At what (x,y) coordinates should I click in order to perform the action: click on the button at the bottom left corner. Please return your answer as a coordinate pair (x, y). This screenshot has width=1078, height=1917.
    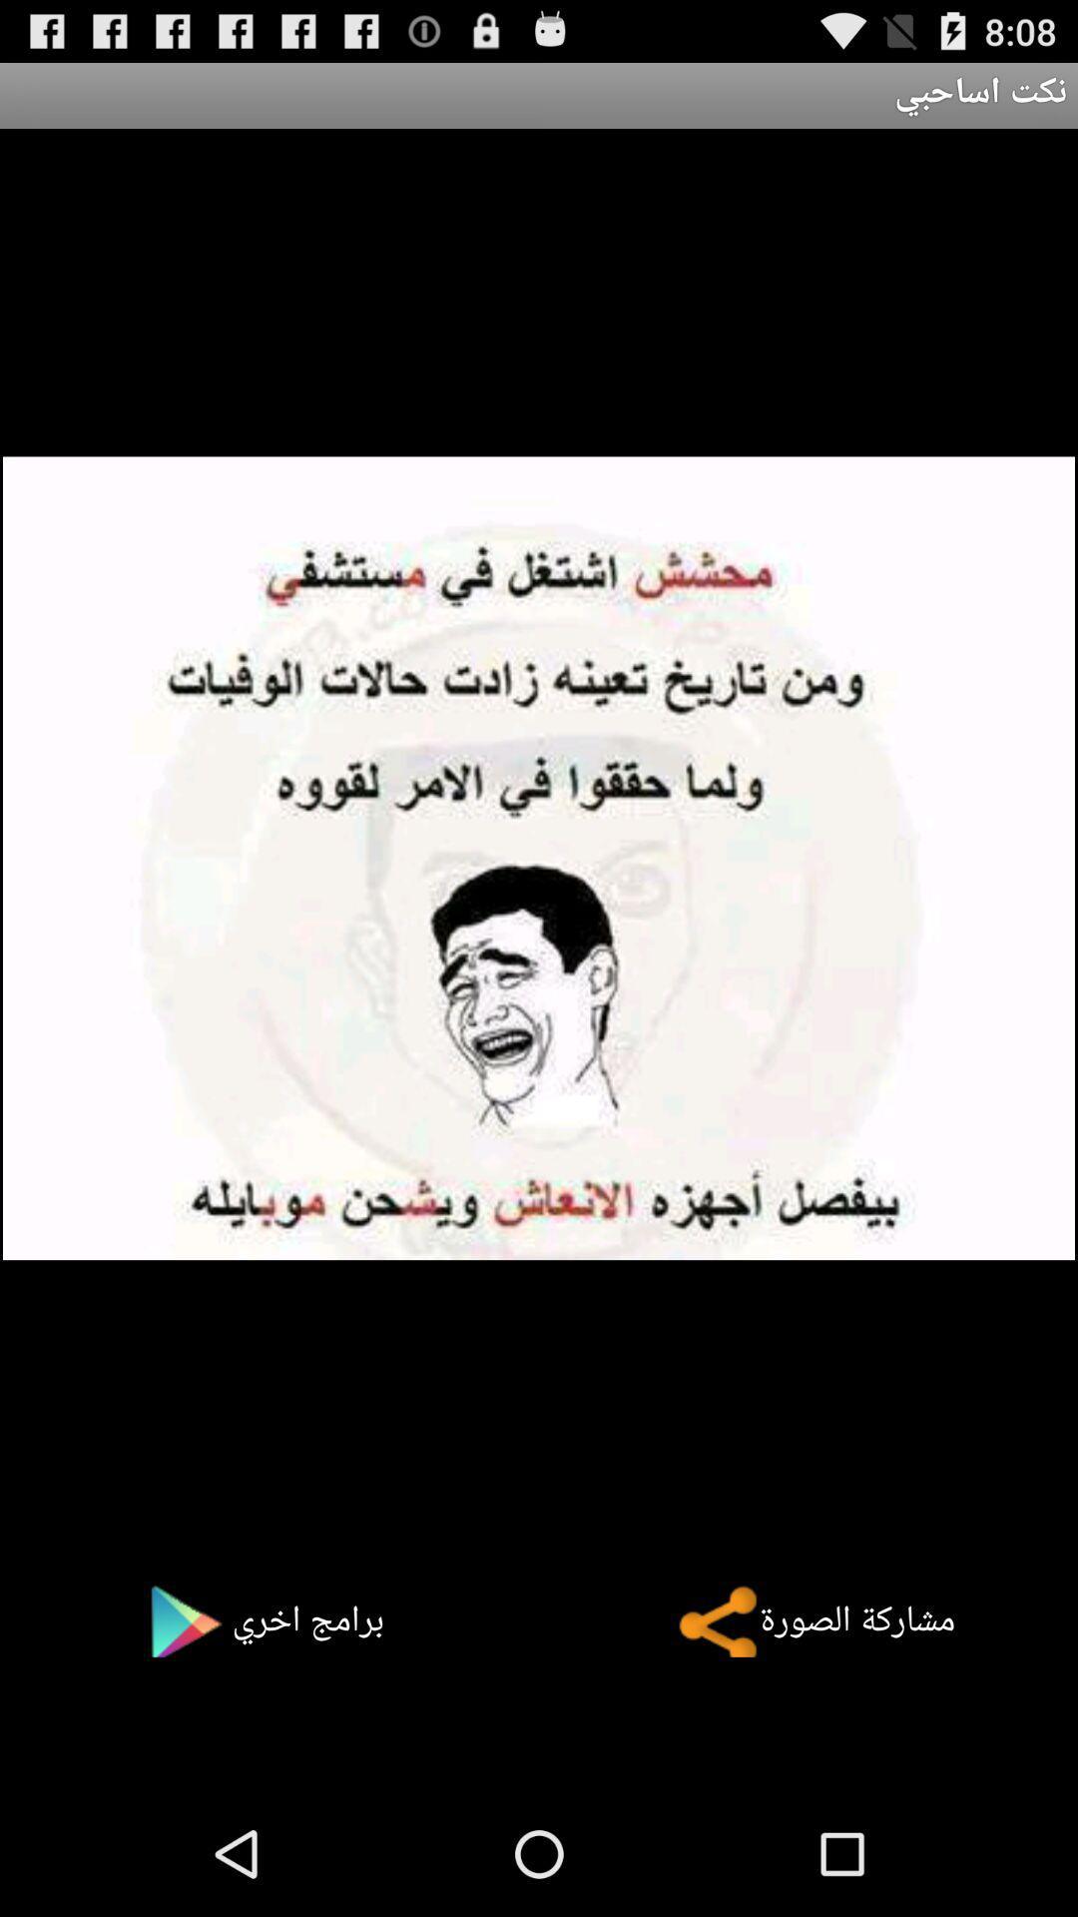
    Looking at the image, I should click on (252, 1620).